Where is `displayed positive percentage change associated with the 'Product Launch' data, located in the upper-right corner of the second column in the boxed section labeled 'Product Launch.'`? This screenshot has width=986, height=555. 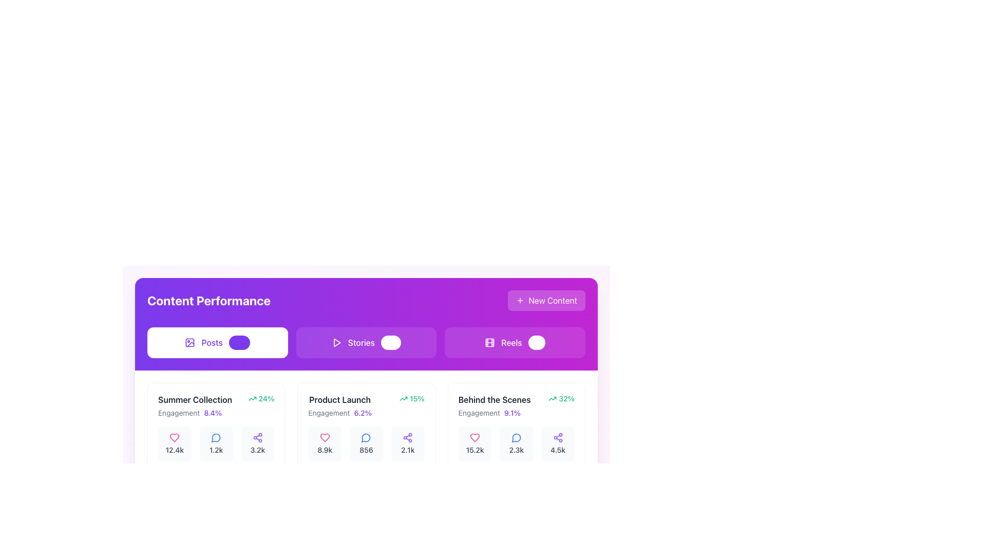 displayed positive percentage change associated with the 'Product Launch' data, located in the upper-right corner of the second column in the boxed section labeled 'Product Launch.' is located at coordinates (412, 398).